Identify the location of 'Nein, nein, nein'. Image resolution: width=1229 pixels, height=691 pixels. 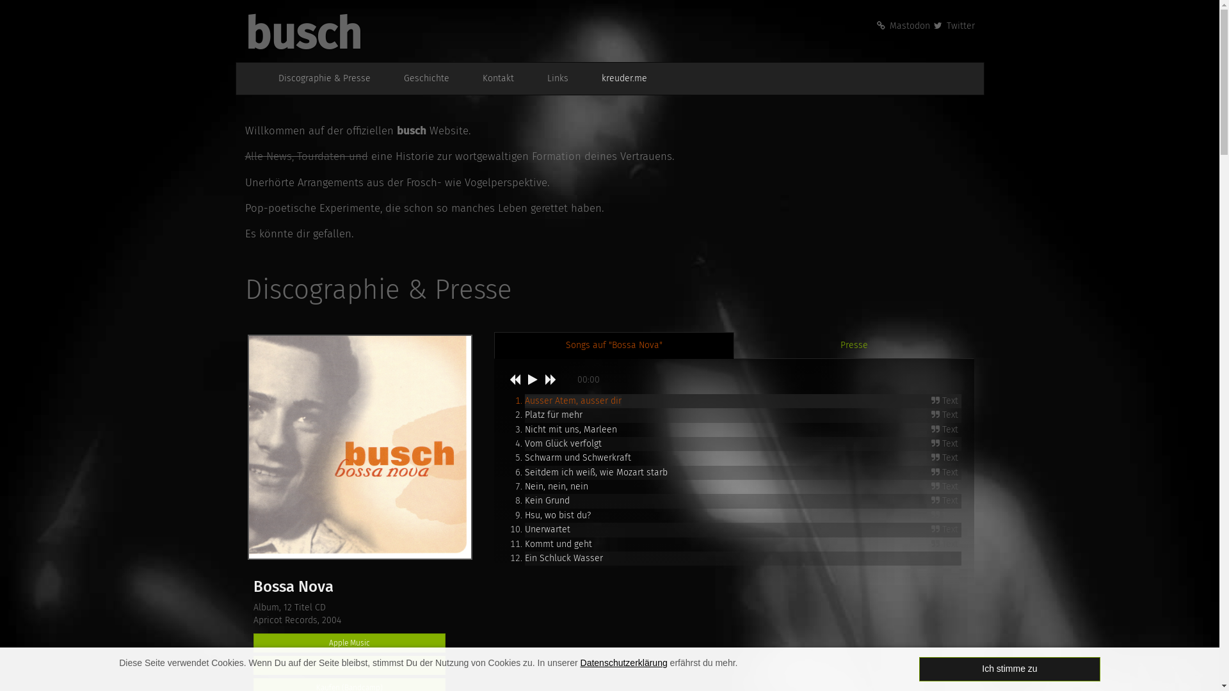
(525, 486).